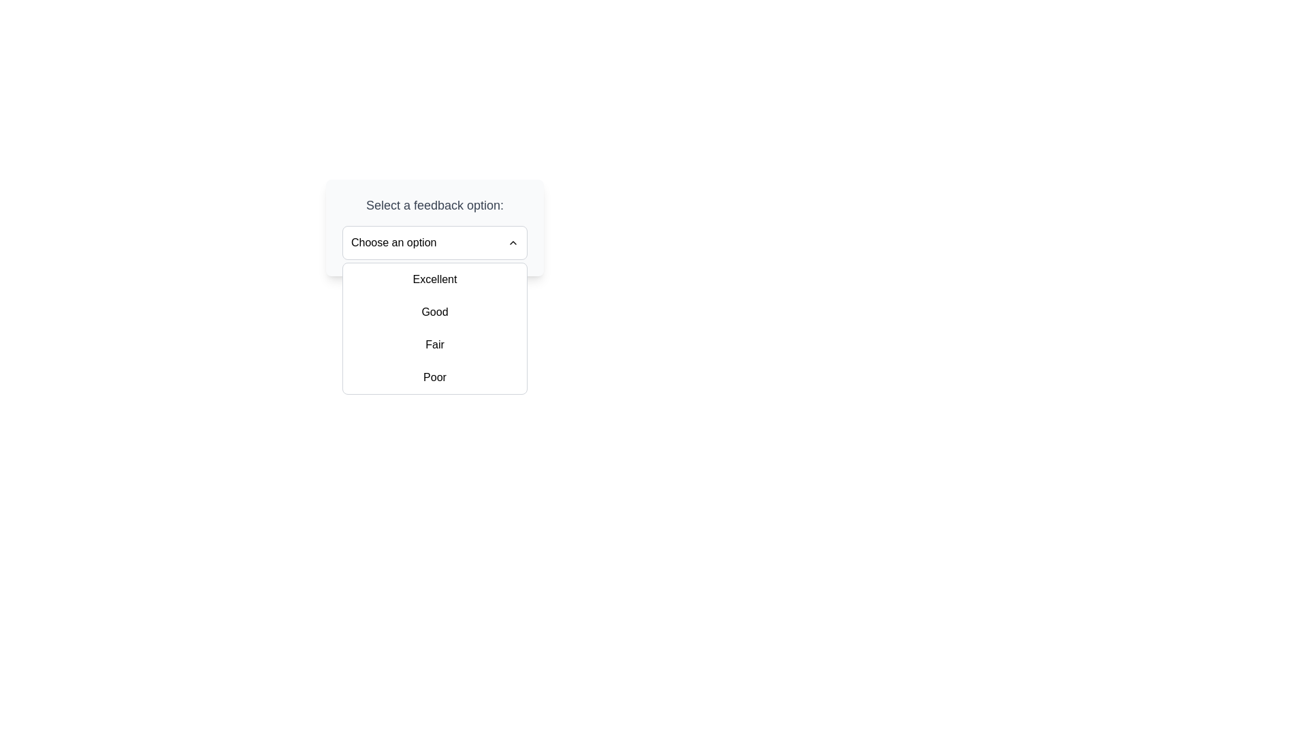  I want to click on the dropdown menu labeled 'Select a feedback option:', so click(434, 227).